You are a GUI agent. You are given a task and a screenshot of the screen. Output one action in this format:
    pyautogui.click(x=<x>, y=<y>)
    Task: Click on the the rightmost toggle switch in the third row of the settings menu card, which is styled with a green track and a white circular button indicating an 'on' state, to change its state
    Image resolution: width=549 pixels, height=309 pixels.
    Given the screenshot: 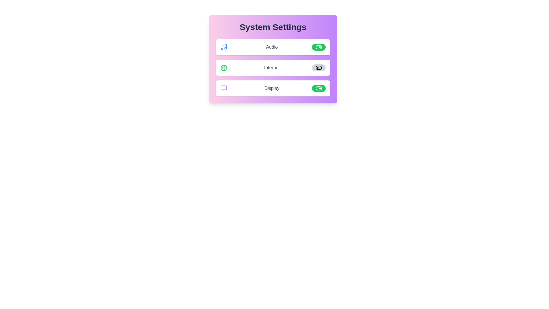 What is the action you would take?
    pyautogui.click(x=318, y=88)
    